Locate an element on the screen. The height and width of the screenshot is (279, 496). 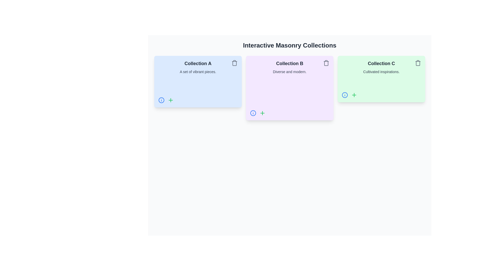
the green plus-shaped icon in the bottom-left corner of the 'Collection C' card is located at coordinates (354, 95).